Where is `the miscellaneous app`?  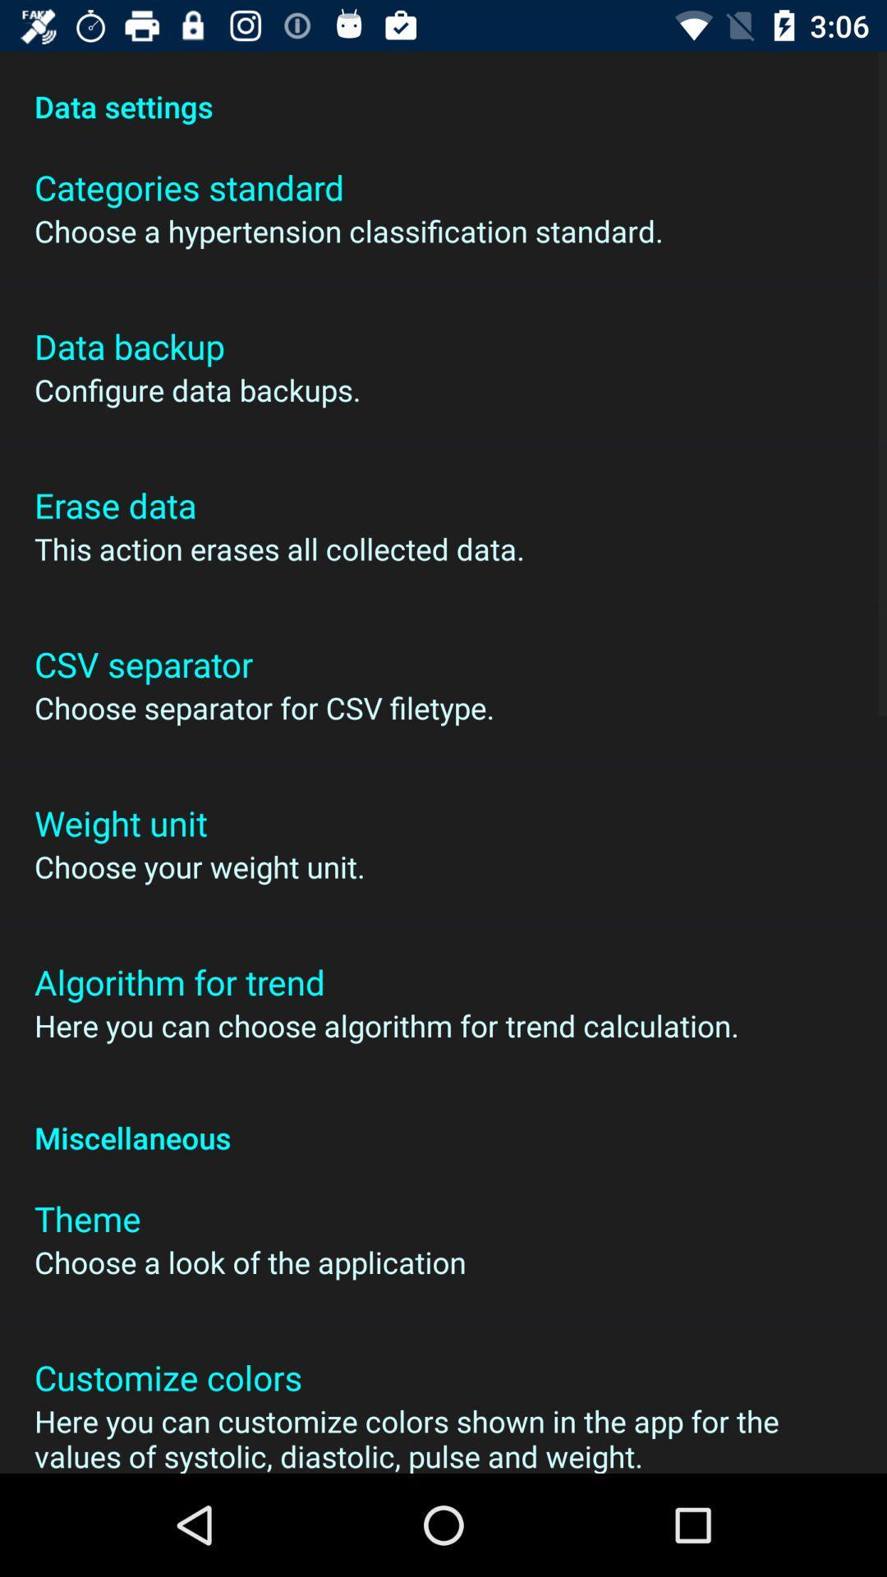 the miscellaneous app is located at coordinates (443, 1120).